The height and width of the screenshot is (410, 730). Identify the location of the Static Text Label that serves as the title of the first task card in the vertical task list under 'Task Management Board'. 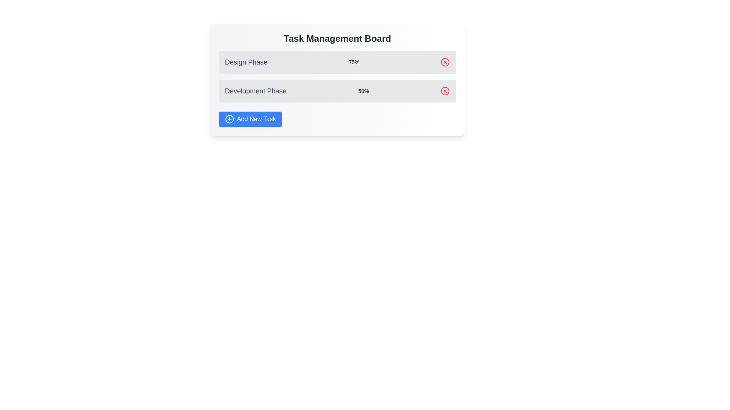
(246, 62).